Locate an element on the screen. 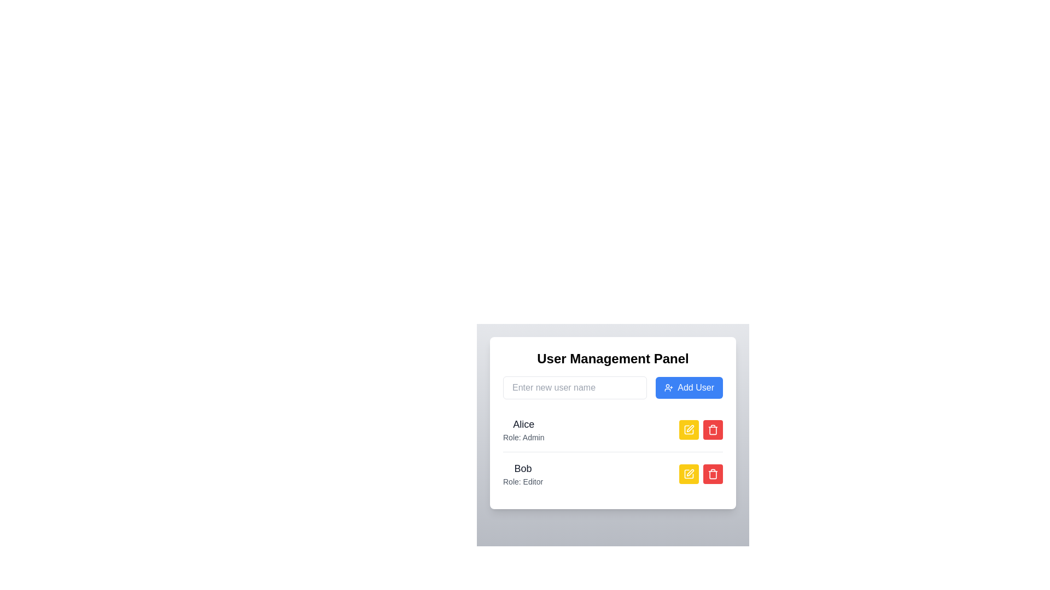  text content of the label displaying 'Role: Admin', which is styled in a small, light gray font and is positioned below the larger text label 'Alice' is located at coordinates (523, 437).